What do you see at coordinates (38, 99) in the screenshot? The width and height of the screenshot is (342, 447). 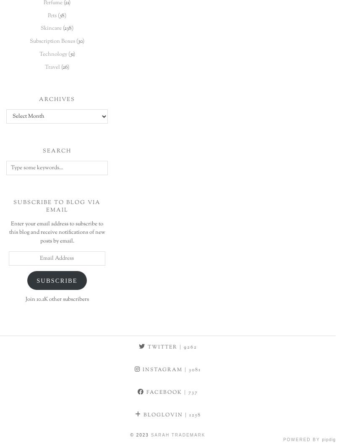 I see `'Archives'` at bounding box center [38, 99].